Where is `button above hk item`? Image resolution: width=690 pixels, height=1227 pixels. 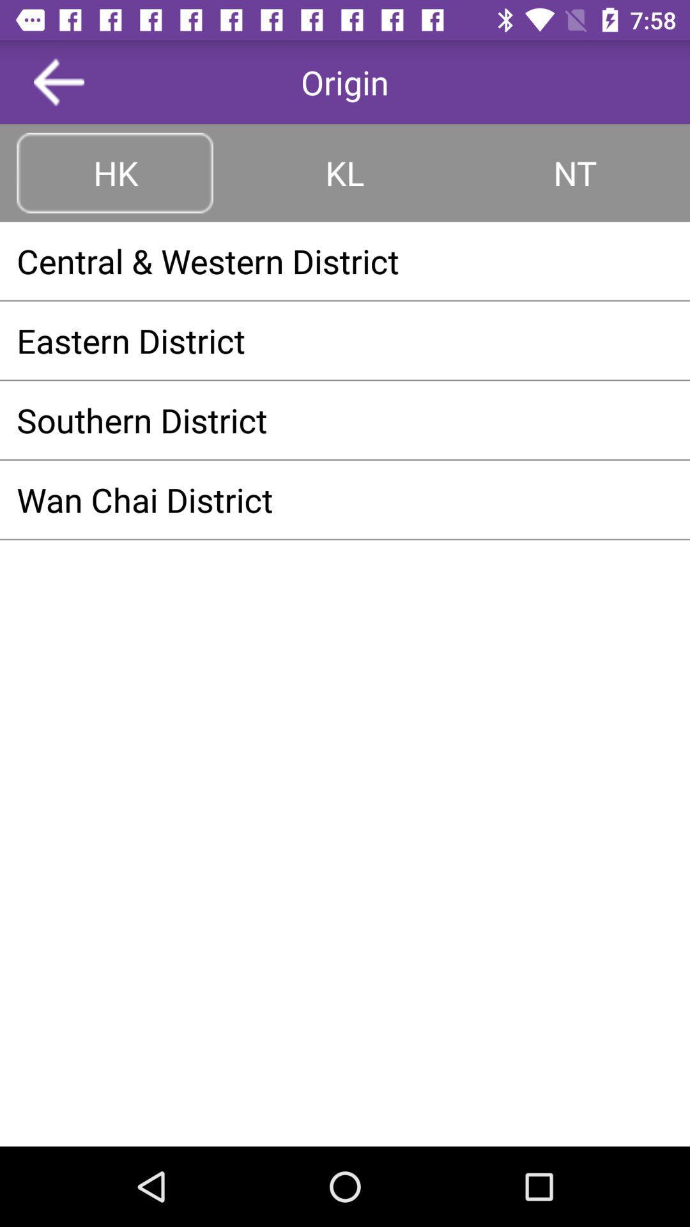 button above hk item is located at coordinates (59, 81).